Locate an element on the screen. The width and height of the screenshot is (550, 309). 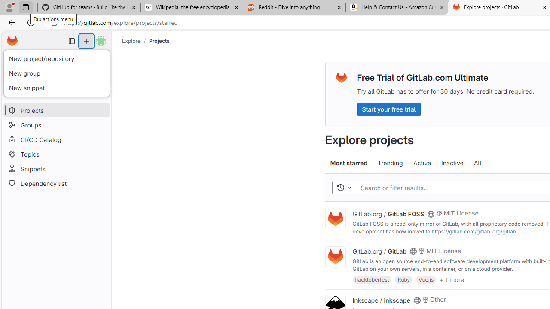
'Start your free trial' is located at coordinates (388, 109).